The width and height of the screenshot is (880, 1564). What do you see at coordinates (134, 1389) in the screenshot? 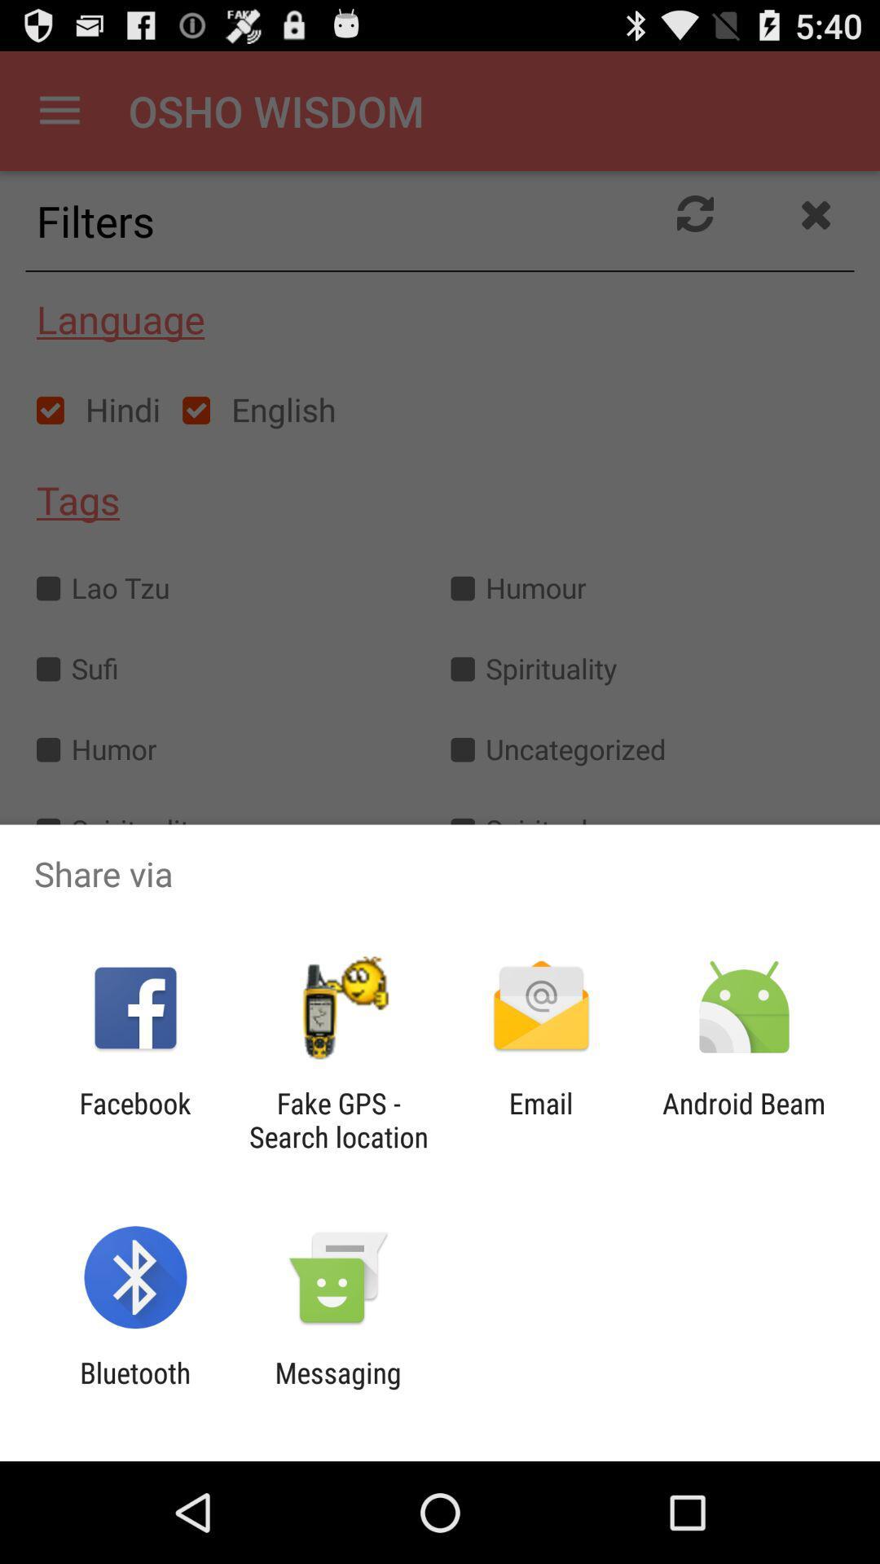
I see `the icon to the left of the messaging item` at bounding box center [134, 1389].